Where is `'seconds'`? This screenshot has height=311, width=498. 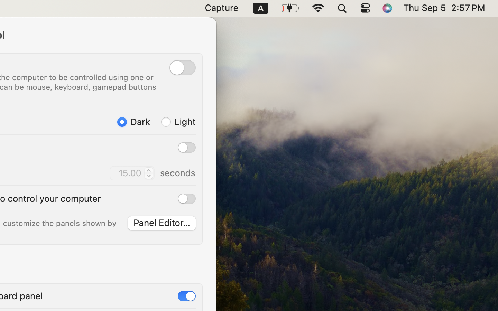
'seconds' is located at coordinates (177, 172).